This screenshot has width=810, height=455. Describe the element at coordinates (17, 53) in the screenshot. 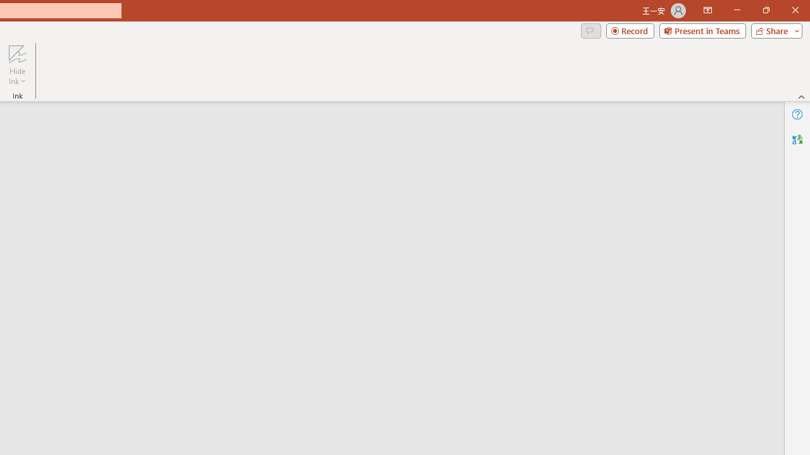

I see `'Hide Ink'` at that location.